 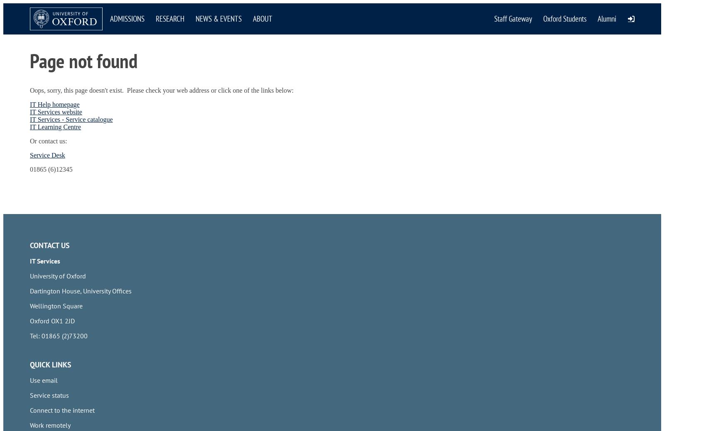 What do you see at coordinates (66, 172) in the screenshot?
I see `'Professional development'` at bounding box center [66, 172].